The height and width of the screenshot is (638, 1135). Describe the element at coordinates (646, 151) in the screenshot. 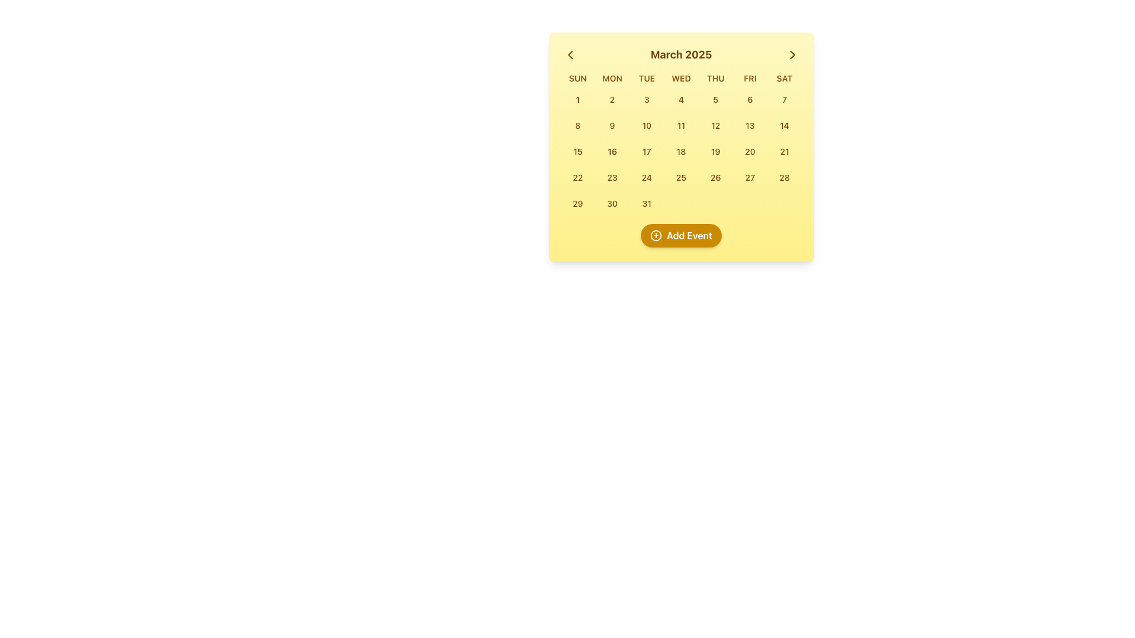

I see `the button representing March 17 in the calendar` at that location.